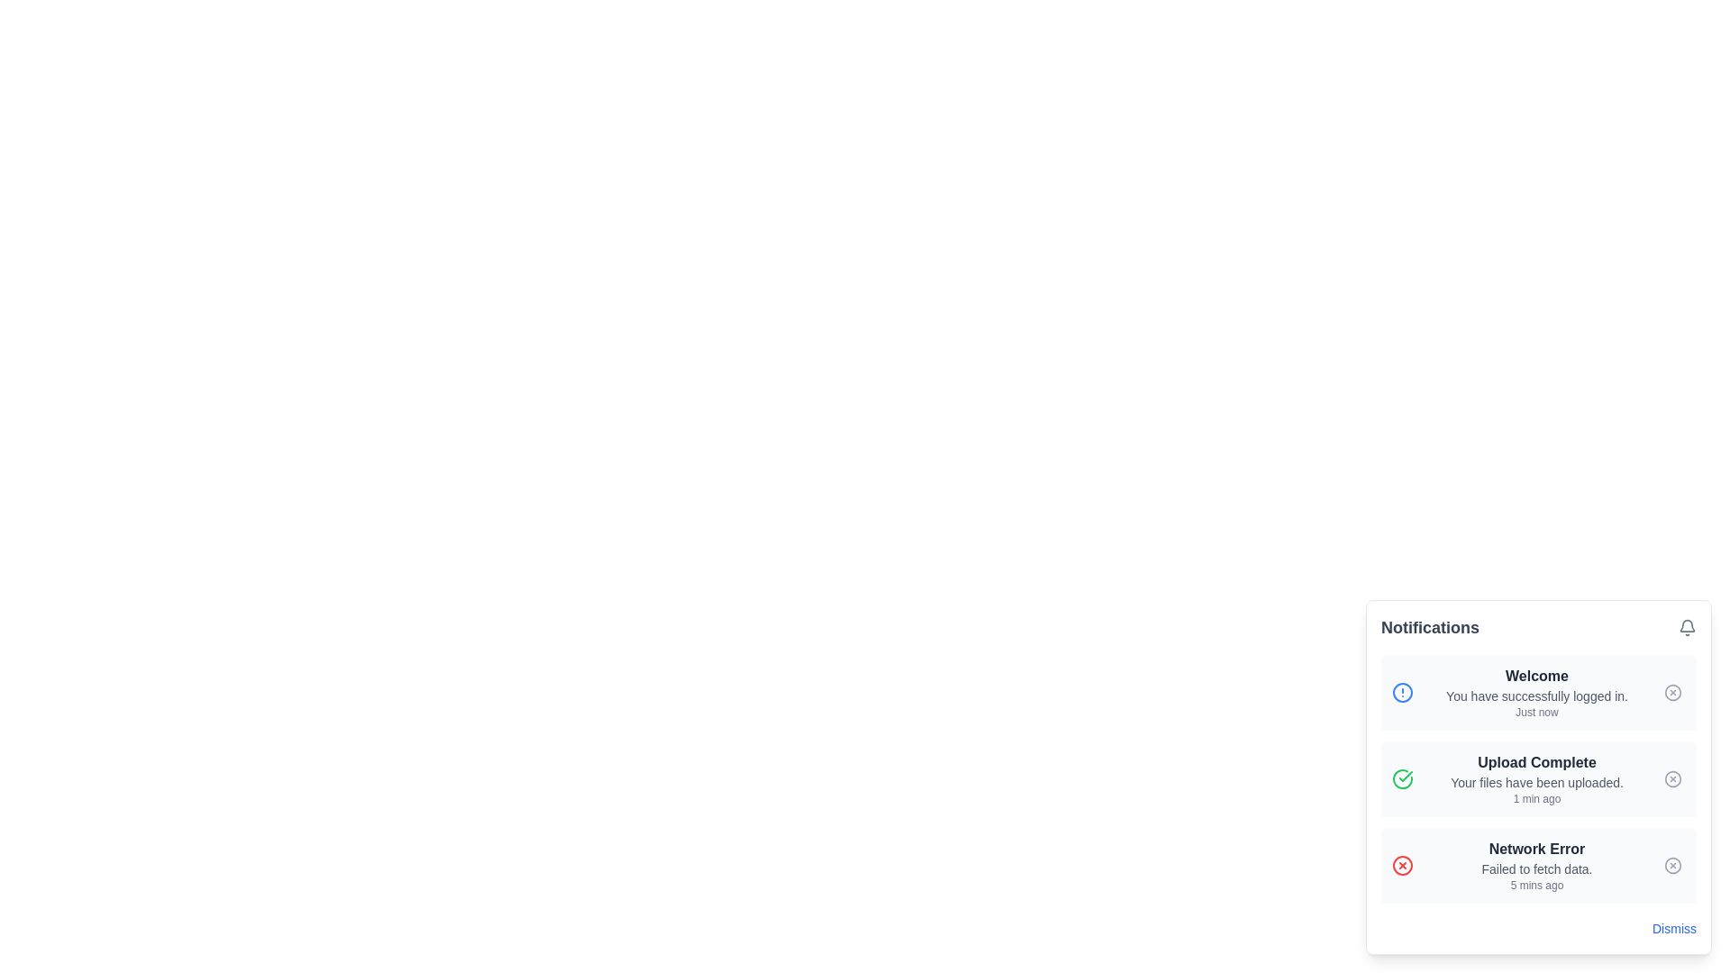  I want to click on the dismiss button icon located at the far-right side of the 'Network Error' notification entry in the dropdown notification menu, so click(1672, 864).